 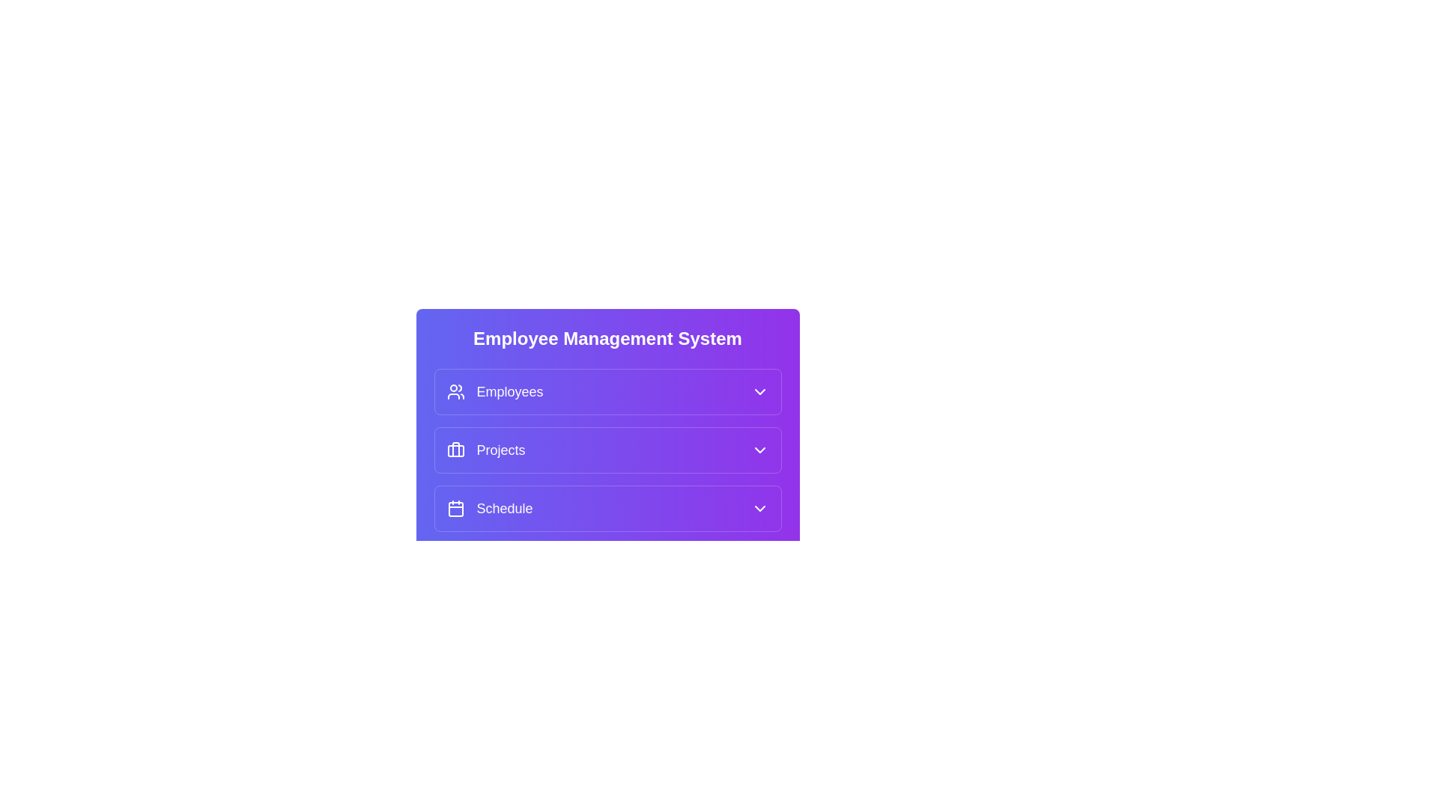 What do you see at coordinates (607, 449) in the screenshot?
I see `the second button in the menu, which redirects to the projects section, located between 'Employees' and 'Schedule'` at bounding box center [607, 449].